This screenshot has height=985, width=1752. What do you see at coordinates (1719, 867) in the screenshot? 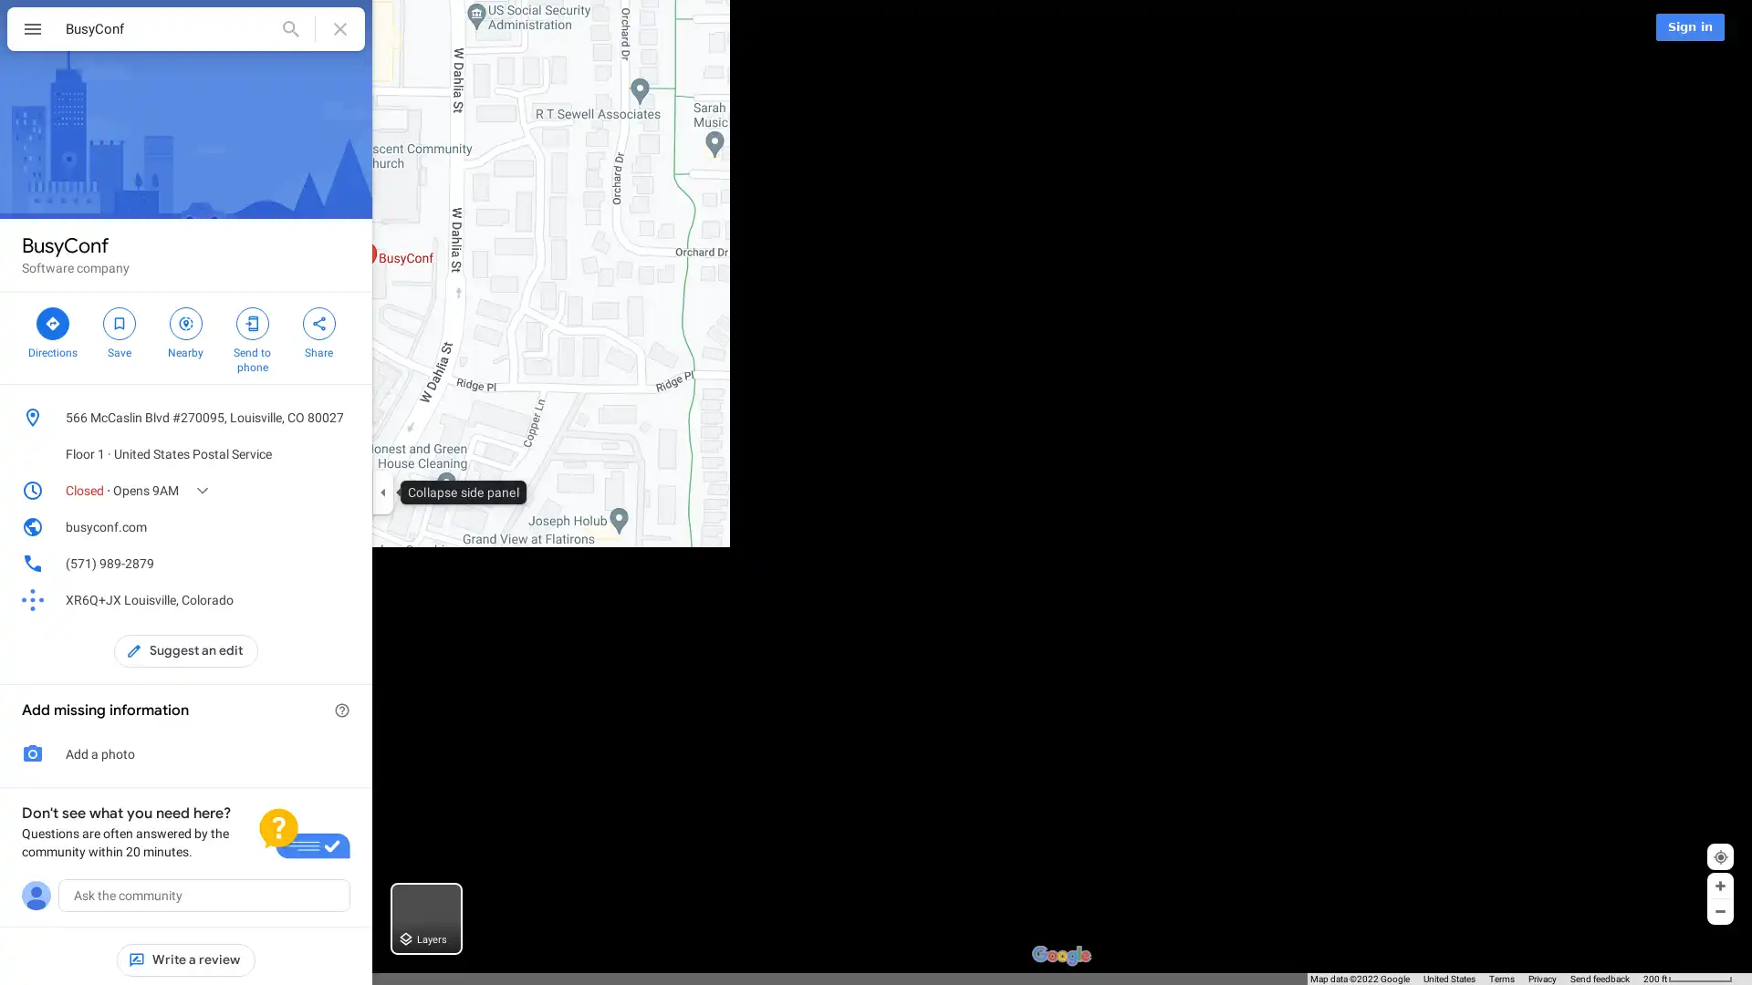
I see `Show Your Location` at bounding box center [1719, 867].